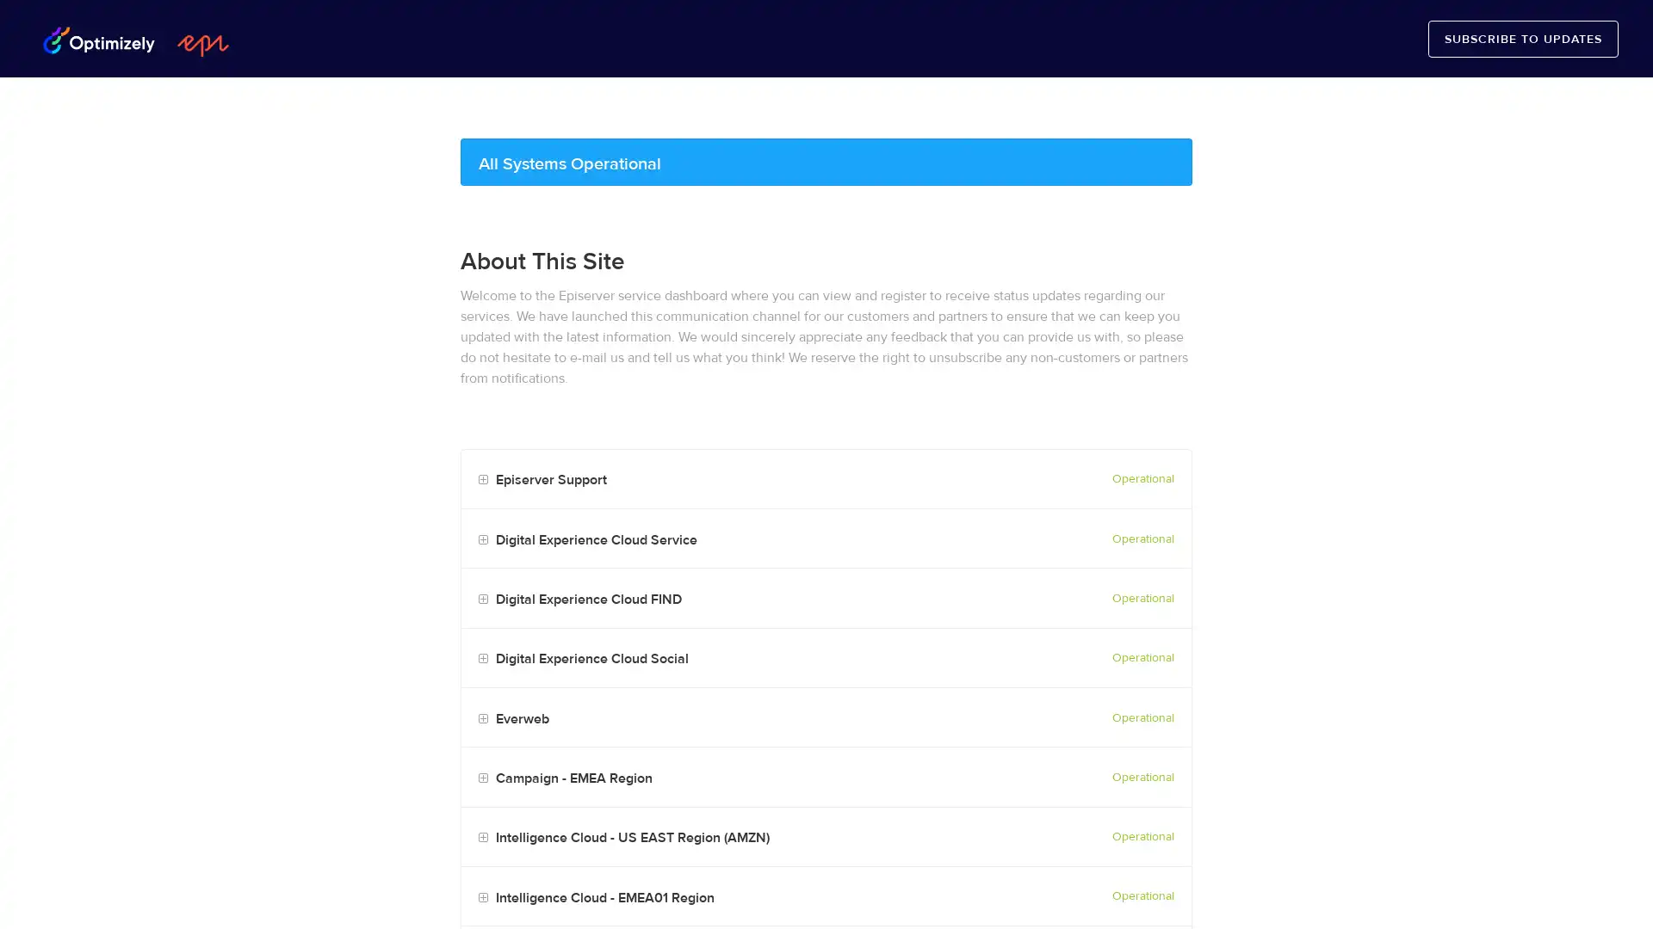 The height and width of the screenshot is (929, 1653). What do you see at coordinates (482, 539) in the screenshot?
I see `Toggle Digital Experience Cloud Service` at bounding box center [482, 539].